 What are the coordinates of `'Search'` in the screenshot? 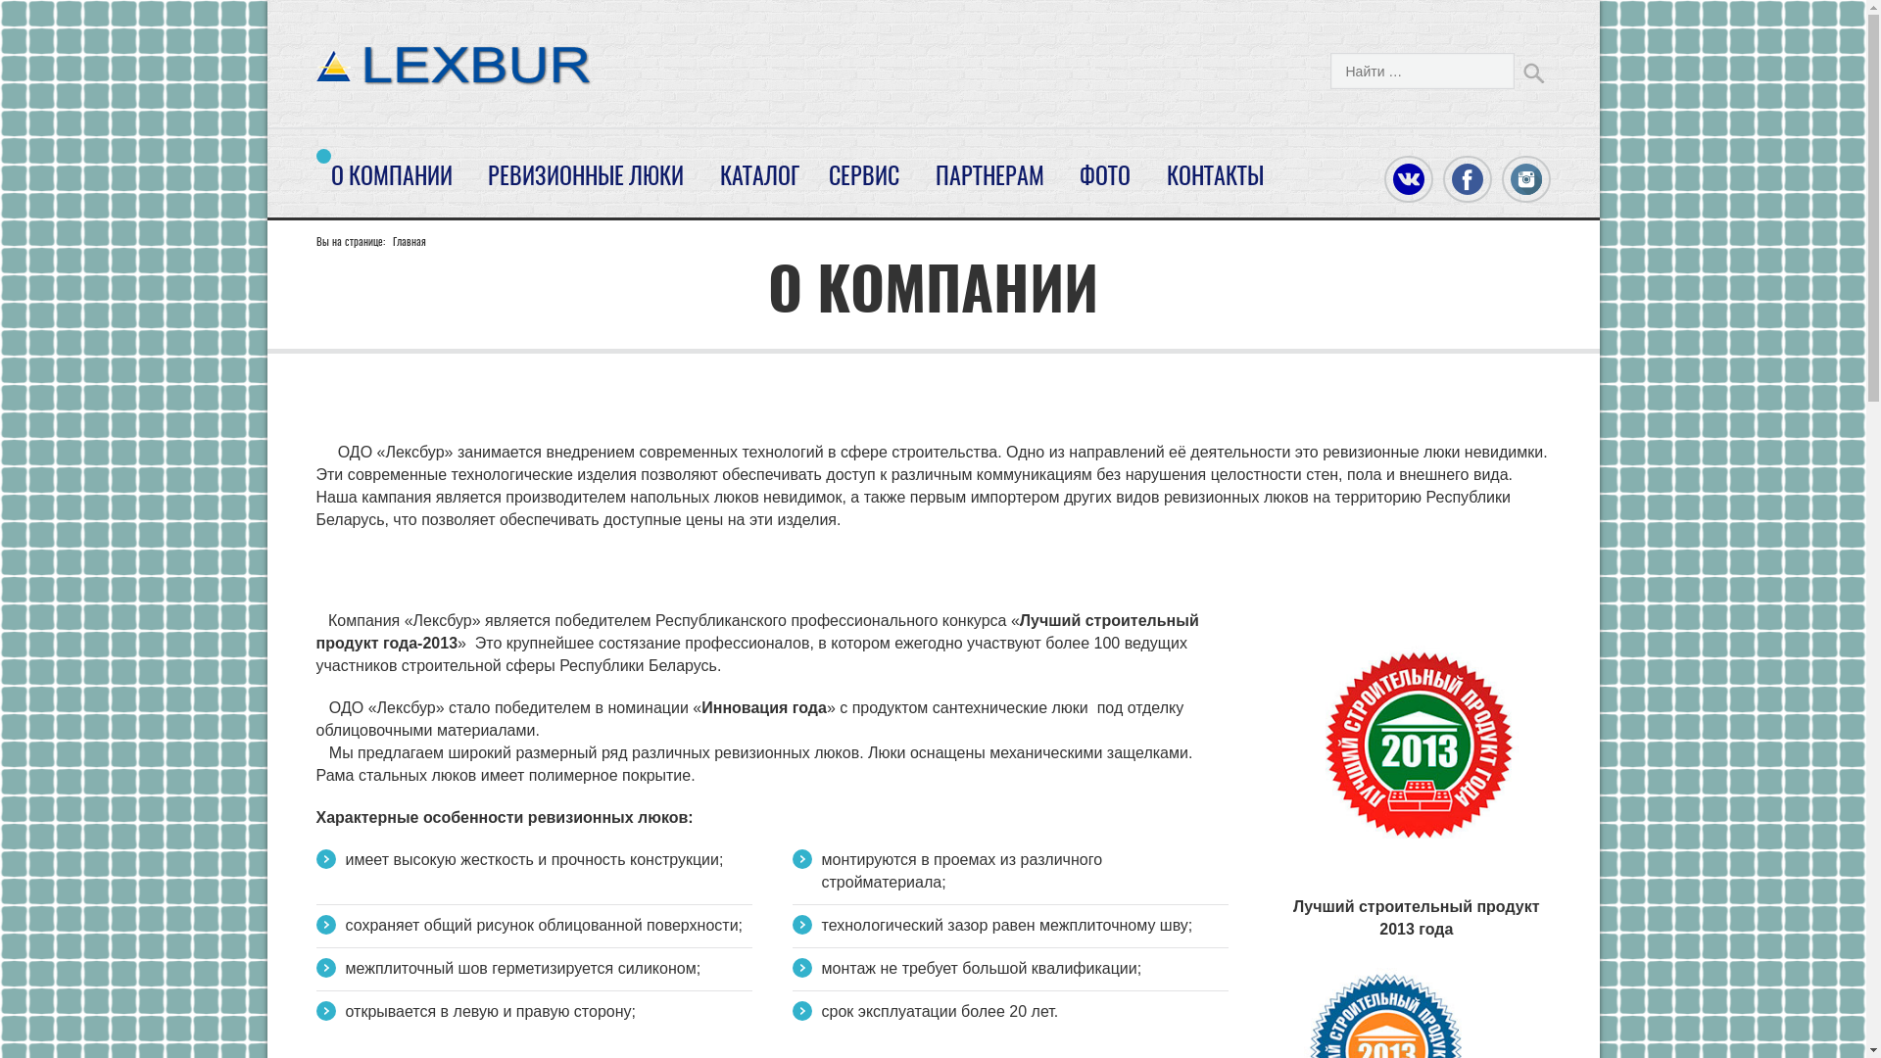 It's located at (1531, 71).